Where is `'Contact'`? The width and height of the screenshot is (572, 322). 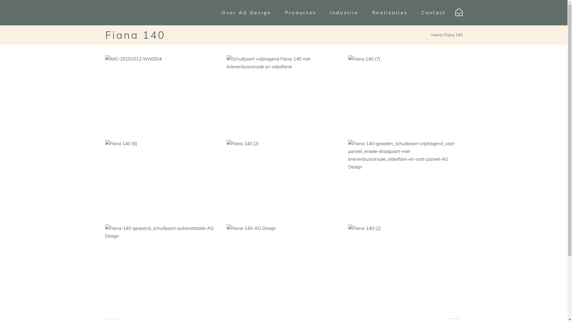 'Contact' is located at coordinates (414, 13).